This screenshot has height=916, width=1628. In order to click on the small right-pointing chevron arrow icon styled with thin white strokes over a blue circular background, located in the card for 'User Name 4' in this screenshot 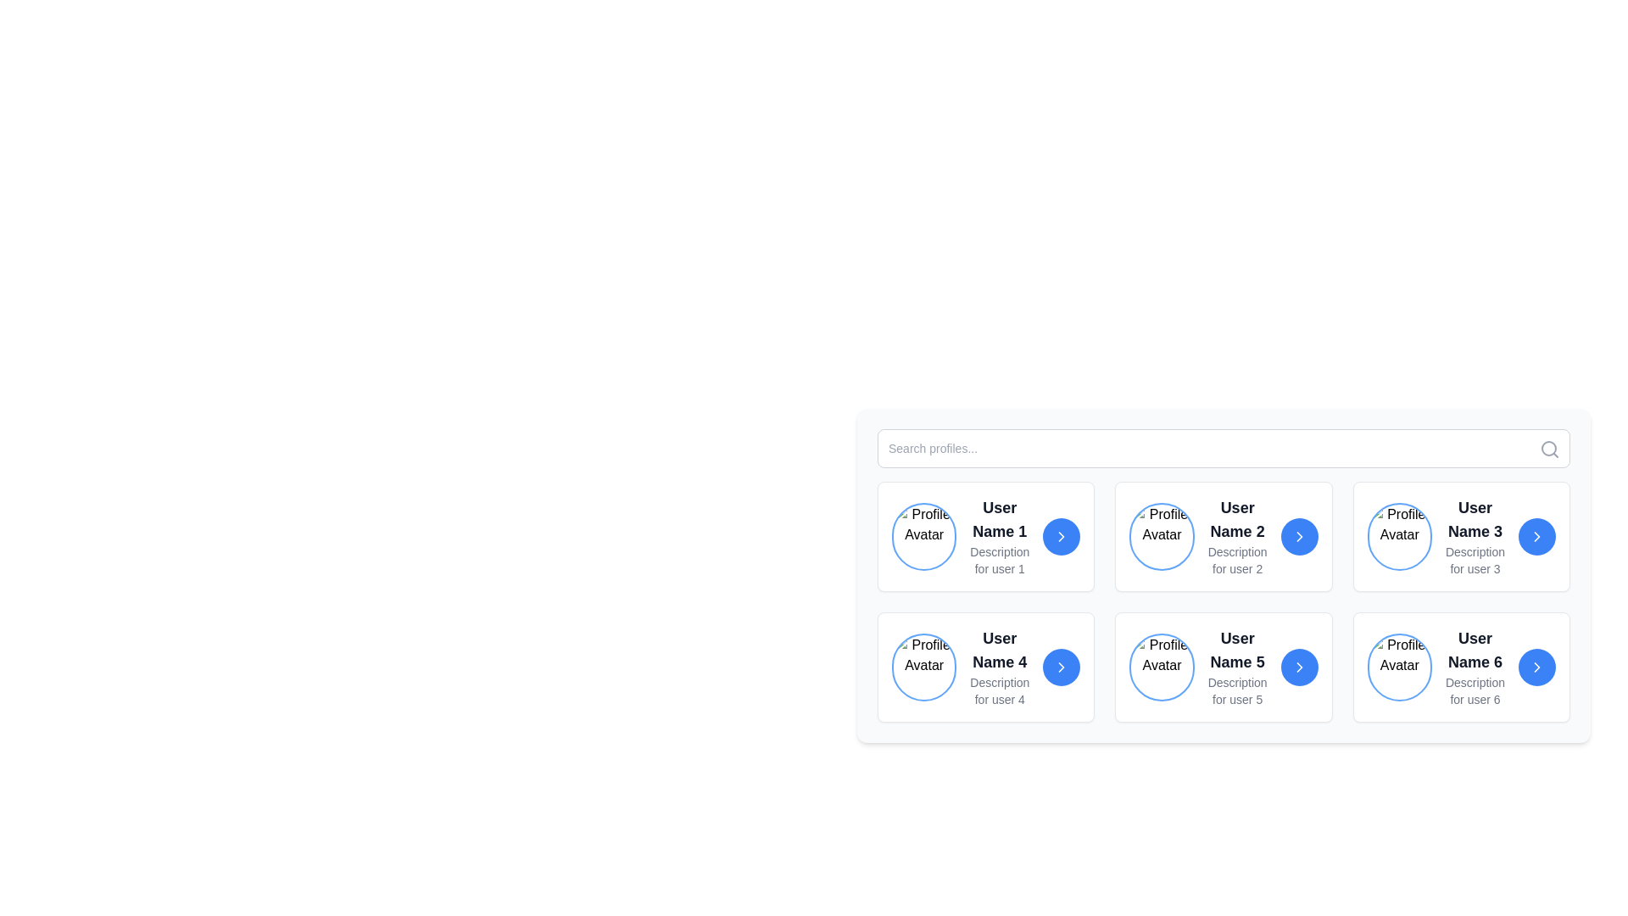, I will do `click(1061, 666)`.